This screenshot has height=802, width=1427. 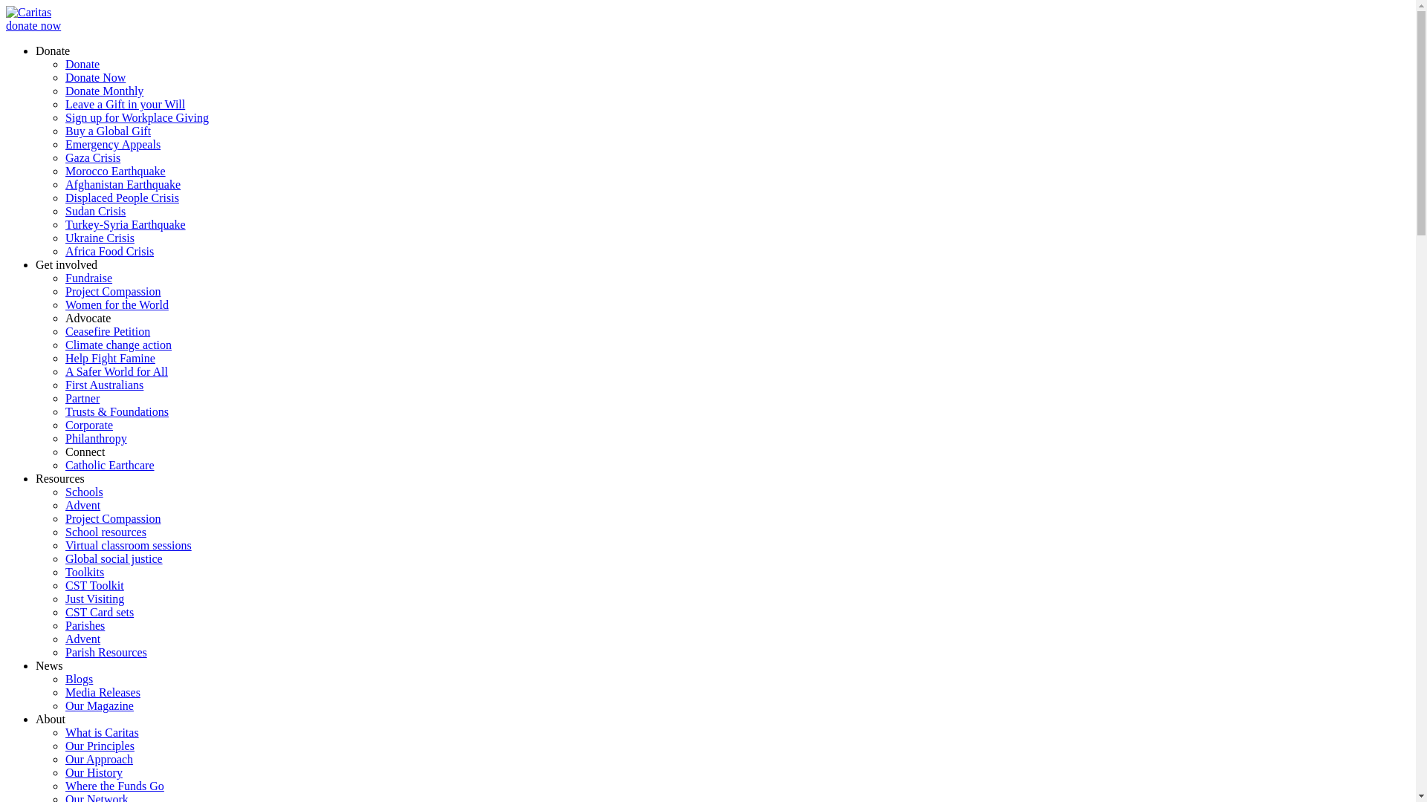 What do you see at coordinates (93, 772) in the screenshot?
I see `'Our History'` at bounding box center [93, 772].